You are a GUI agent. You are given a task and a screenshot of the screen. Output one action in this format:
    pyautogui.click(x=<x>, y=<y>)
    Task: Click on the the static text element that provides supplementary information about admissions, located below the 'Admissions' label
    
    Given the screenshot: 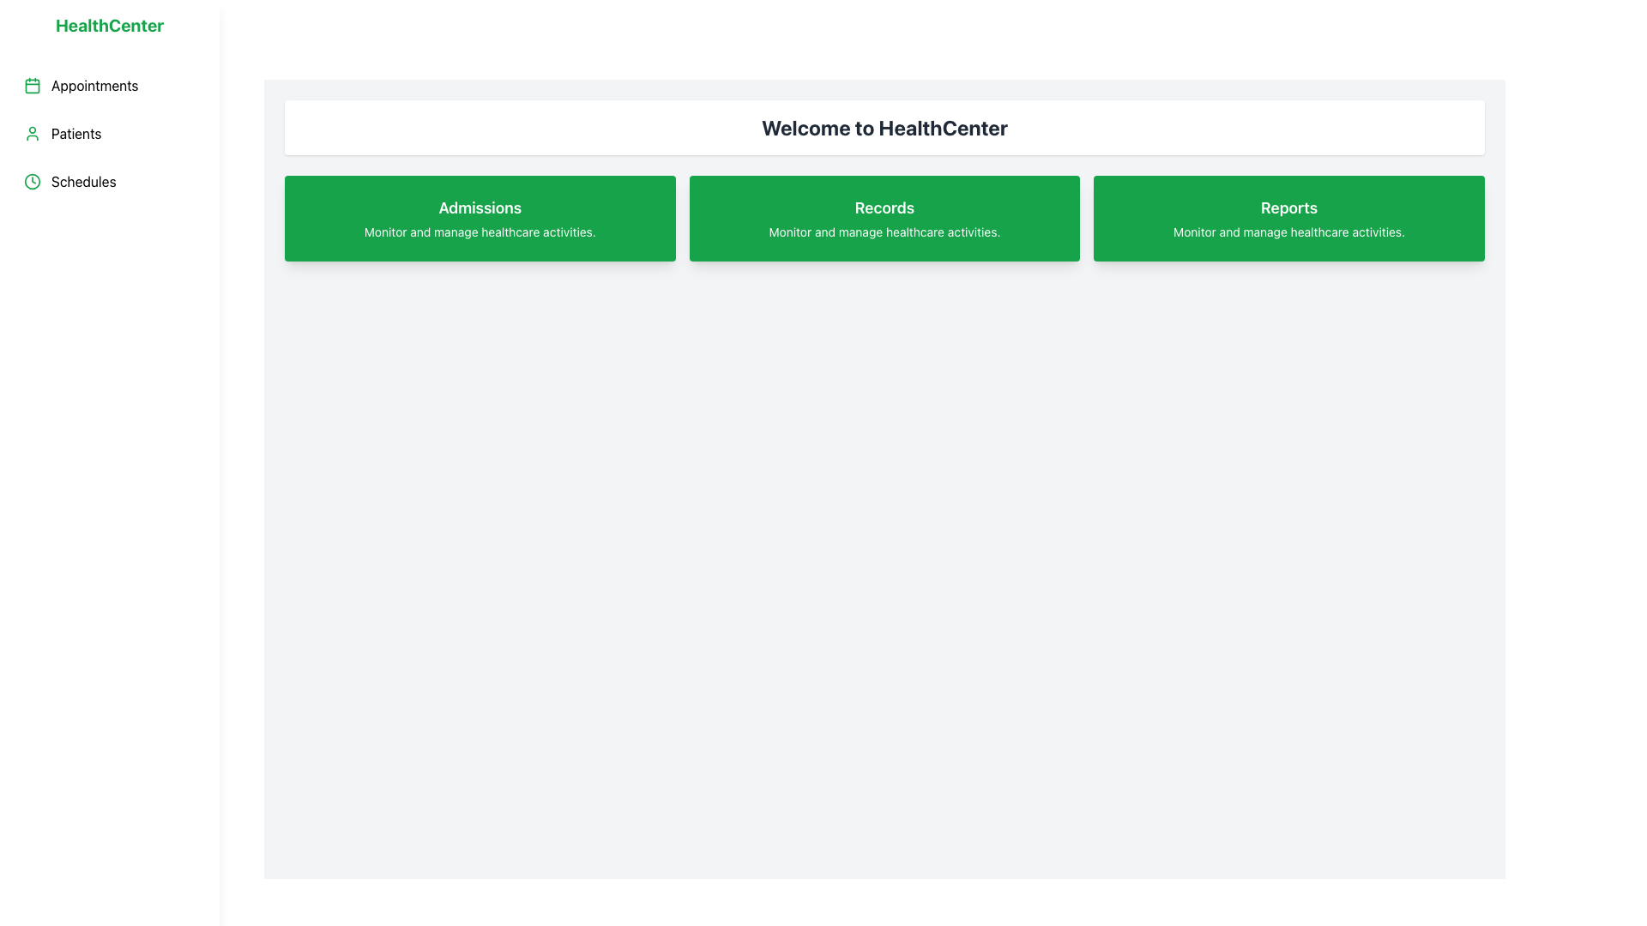 What is the action you would take?
    pyautogui.click(x=480, y=231)
    